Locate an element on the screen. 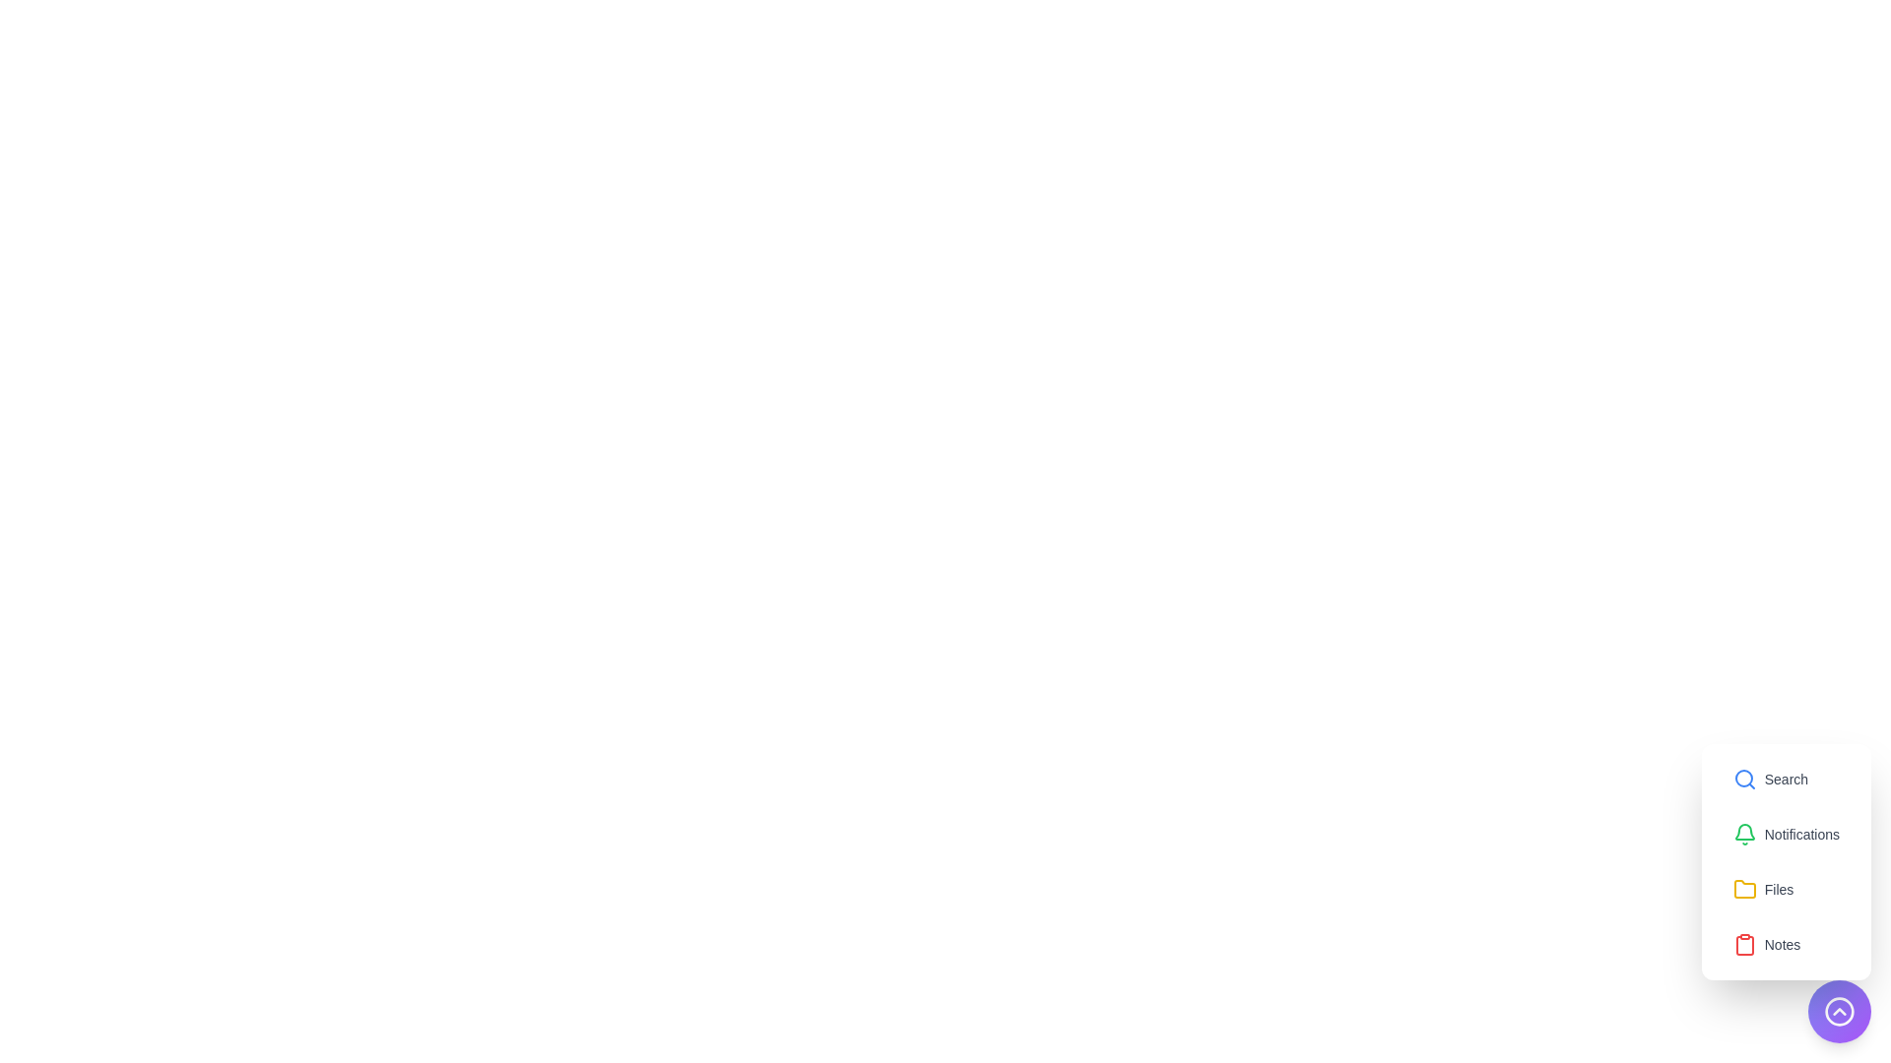 The width and height of the screenshot is (1891, 1063). the option Notes from the list is located at coordinates (1767, 944).